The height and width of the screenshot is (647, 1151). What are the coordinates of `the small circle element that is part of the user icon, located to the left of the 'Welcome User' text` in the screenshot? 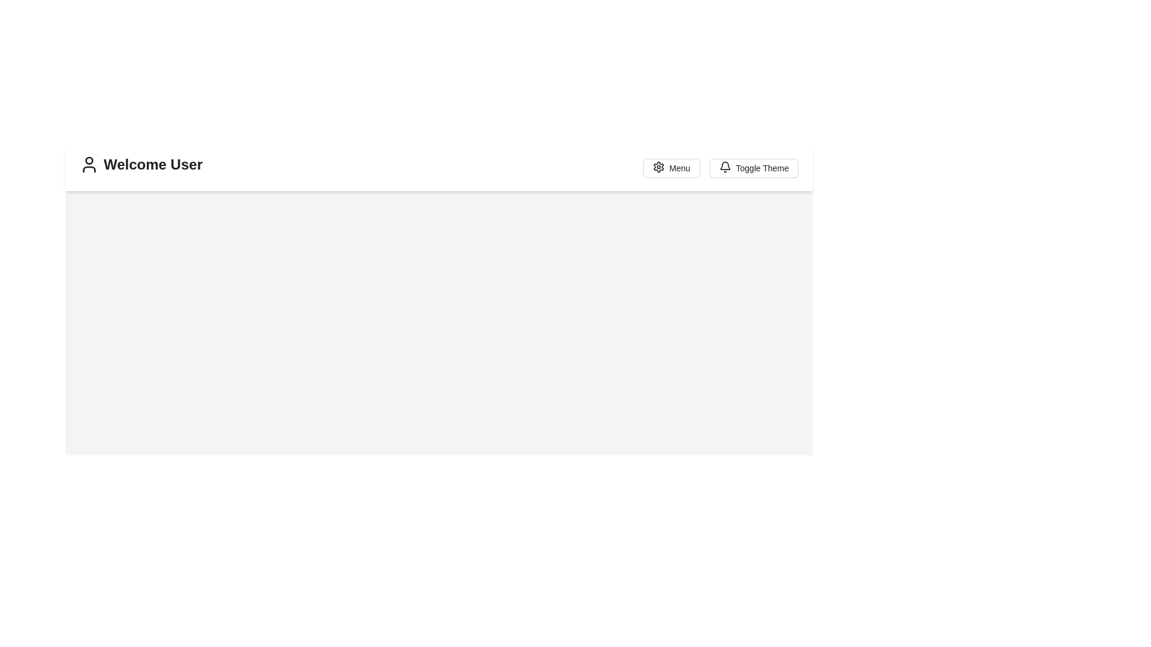 It's located at (88, 159).